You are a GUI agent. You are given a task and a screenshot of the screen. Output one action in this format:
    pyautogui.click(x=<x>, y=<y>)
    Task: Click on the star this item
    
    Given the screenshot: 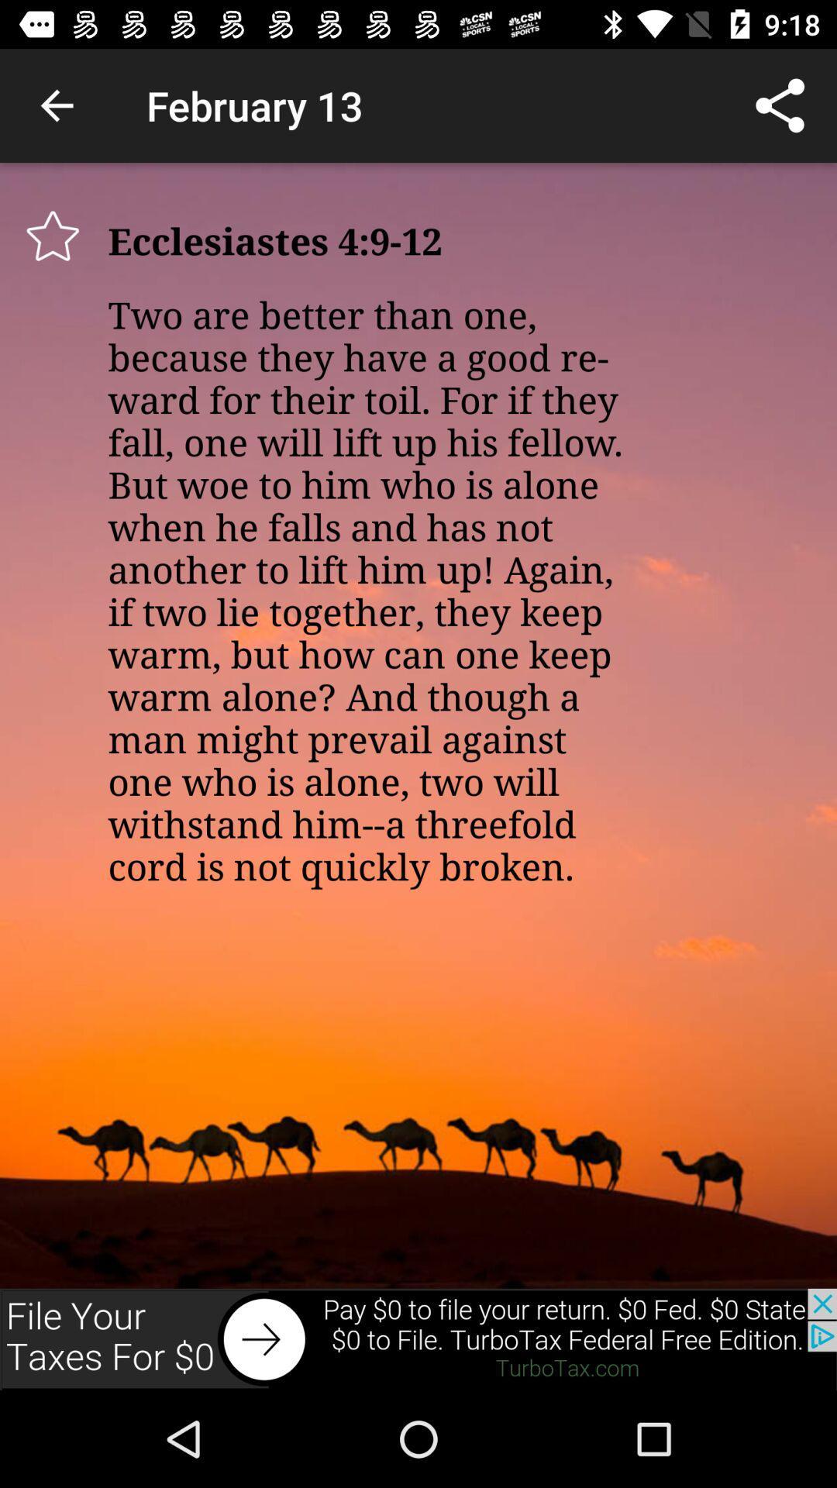 What is the action you would take?
    pyautogui.click(x=52, y=235)
    